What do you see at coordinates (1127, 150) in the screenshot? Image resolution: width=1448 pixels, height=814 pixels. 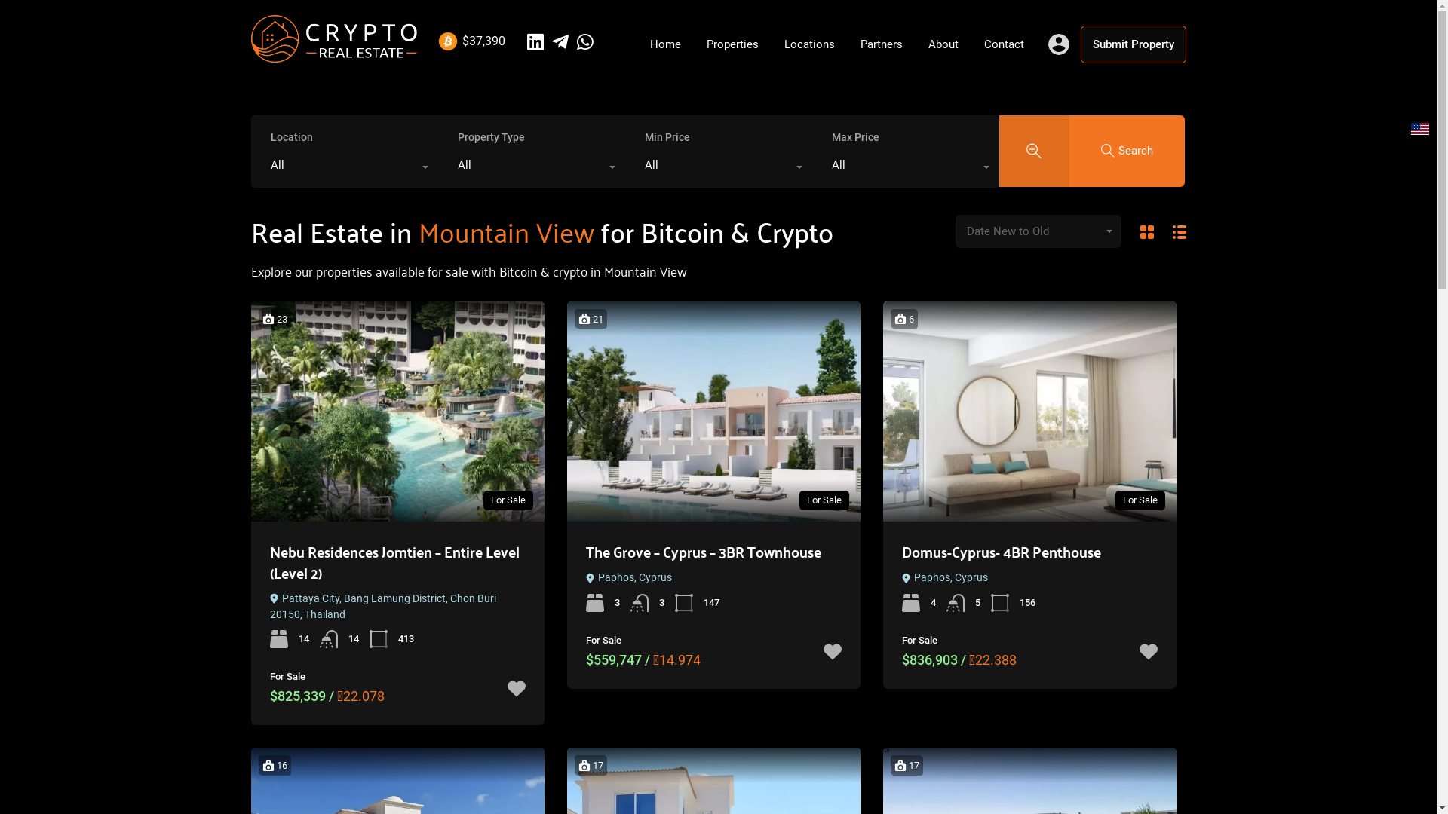 I see `'Search'` at bounding box center [1127, 150].